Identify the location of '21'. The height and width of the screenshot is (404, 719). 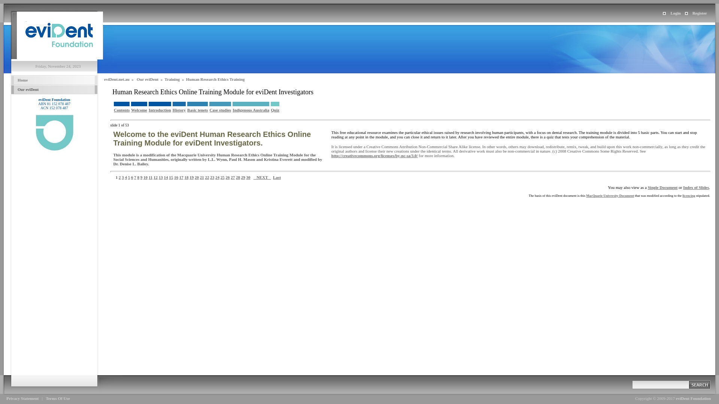
(202, 177).